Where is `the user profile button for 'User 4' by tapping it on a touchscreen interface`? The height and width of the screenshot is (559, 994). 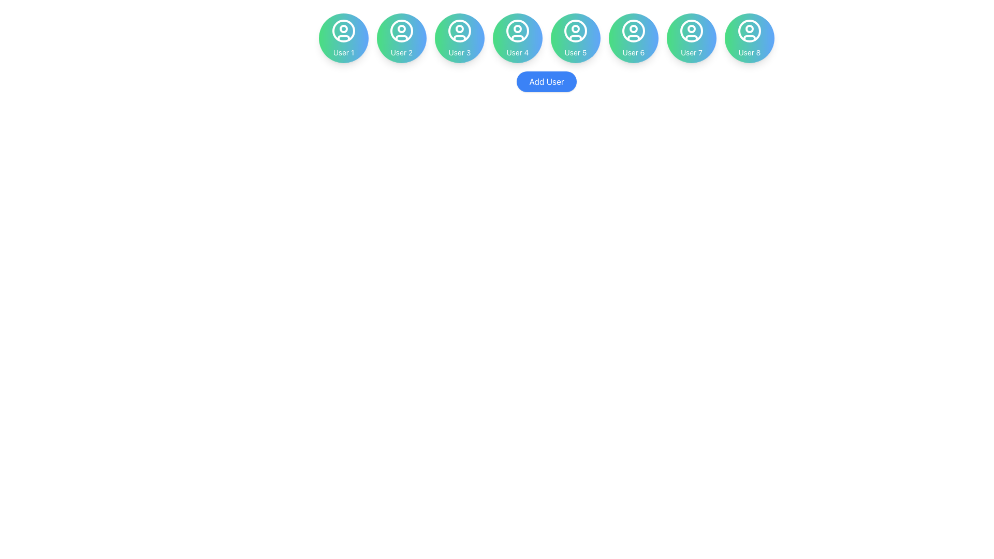
the user profile button for 'User 4' by tapping it on a touchscreen interface is located at coordinates (517, 37).